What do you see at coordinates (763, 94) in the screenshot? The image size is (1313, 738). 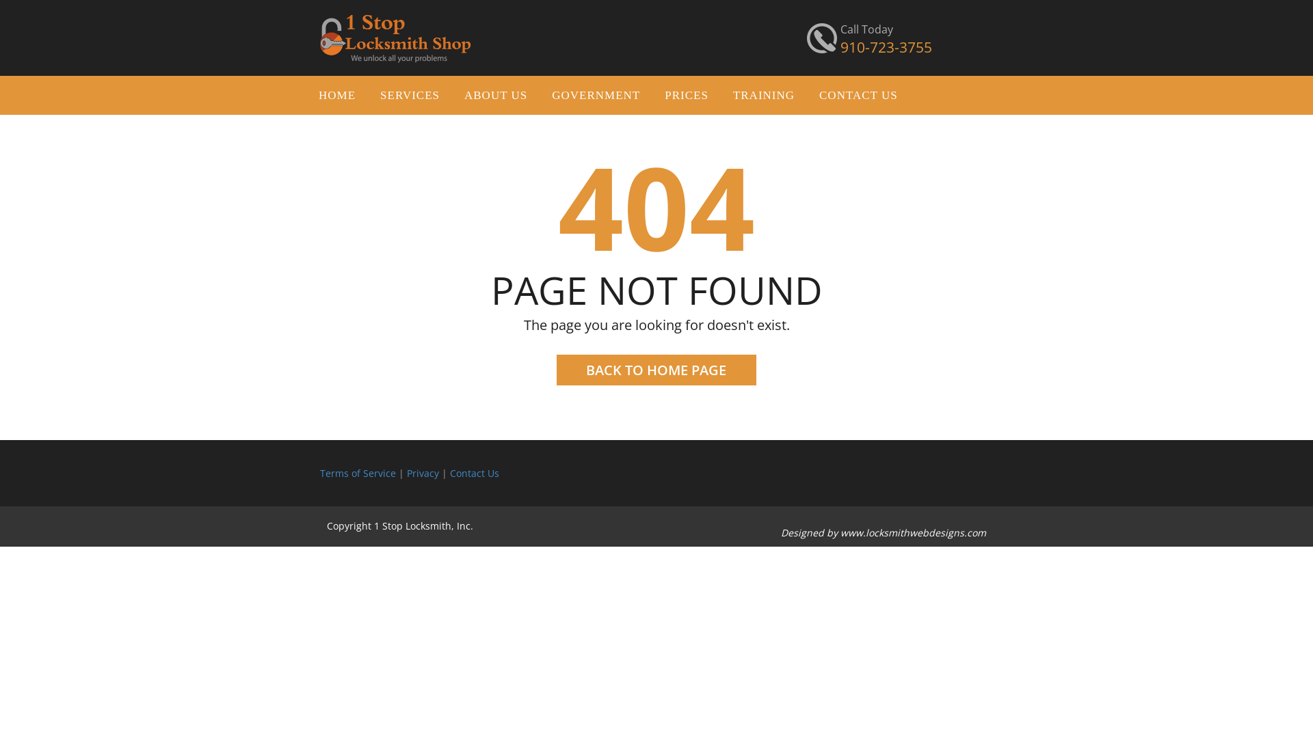 I see `'TRAINING'` at bounding box center [763, 94].